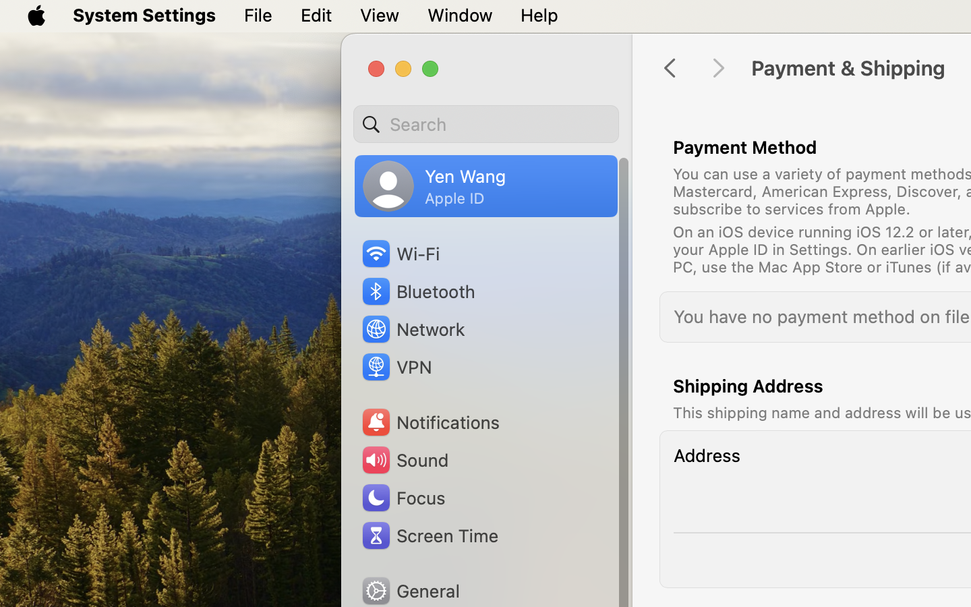 This screenshot has width=971, height=607. What do you see at coordinates (399, 254) in the screenshot?
I see `'Wi‑Fi'` at bounding box center [399, 254].